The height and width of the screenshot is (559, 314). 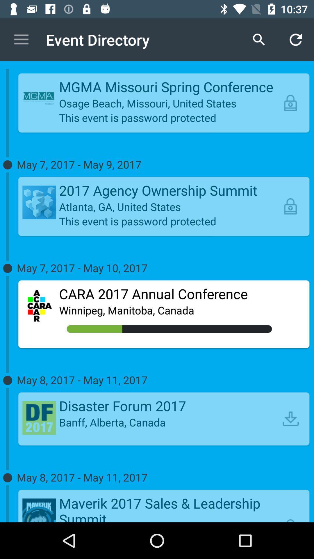 What do you see at coordinates (21, 39) in the screenshot?
I see `app next to the event directory` at bounding box center [21, 39].